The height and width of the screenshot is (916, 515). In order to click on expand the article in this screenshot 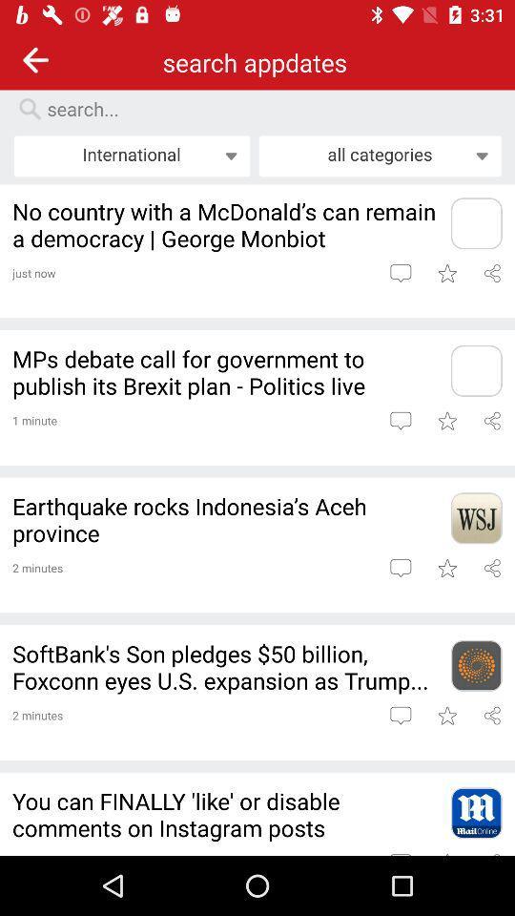, I will do `click(475, 518)`.